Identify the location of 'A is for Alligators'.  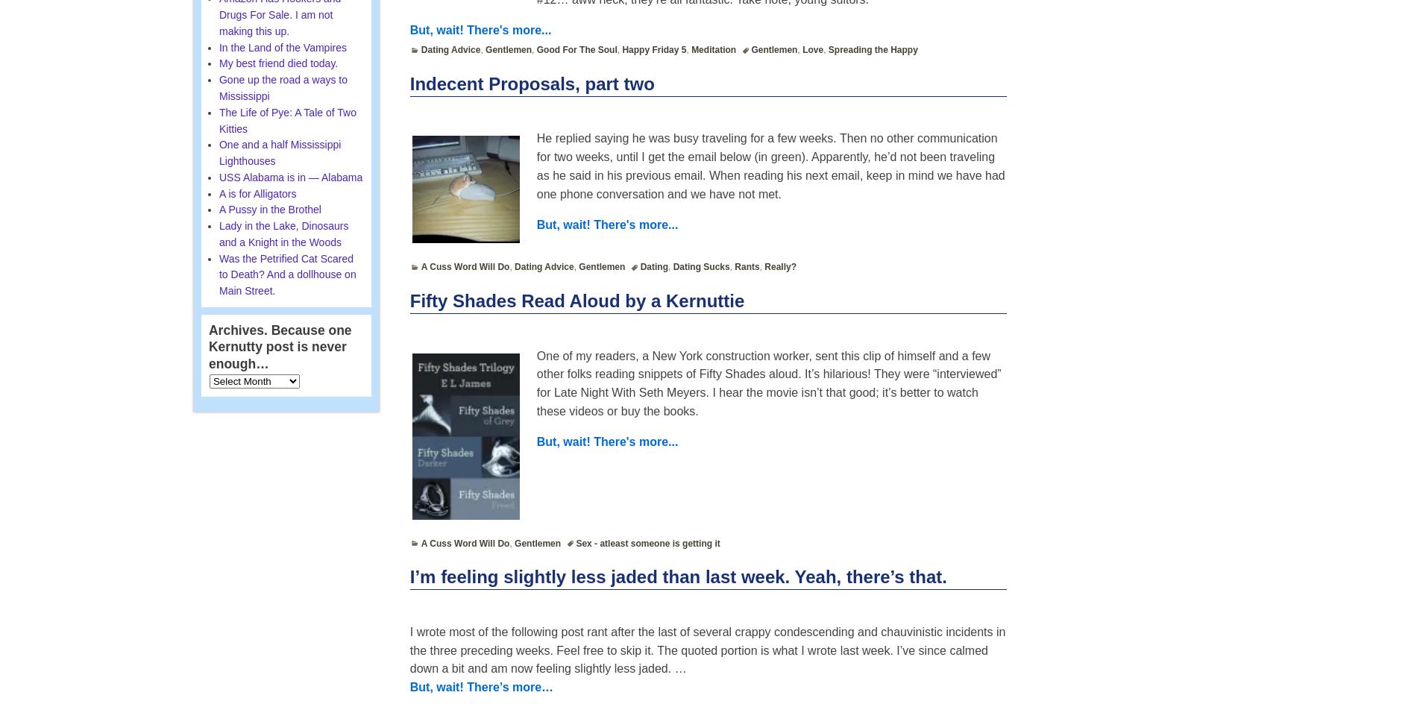
(217, 193).